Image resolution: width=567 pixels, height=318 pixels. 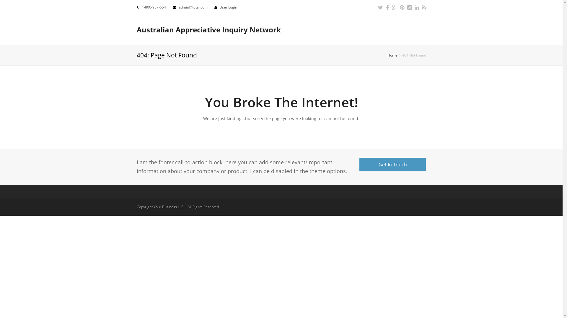 What do you see at coordinates (421, 7) in the screenshot?
I see `'RSS'` at bounding box center [421, 7].